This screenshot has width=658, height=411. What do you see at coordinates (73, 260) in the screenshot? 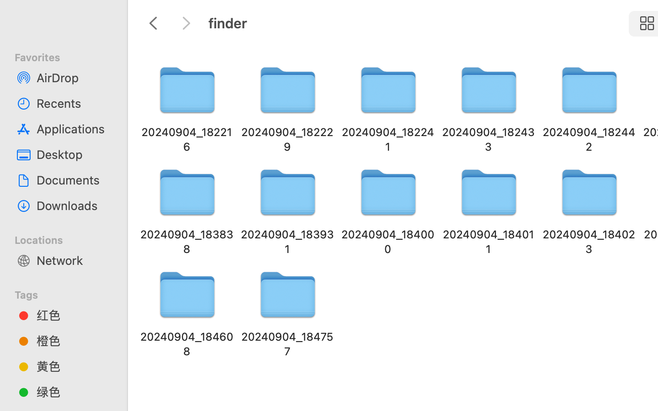
I see `'Network'` at bounding box center [73, 260].